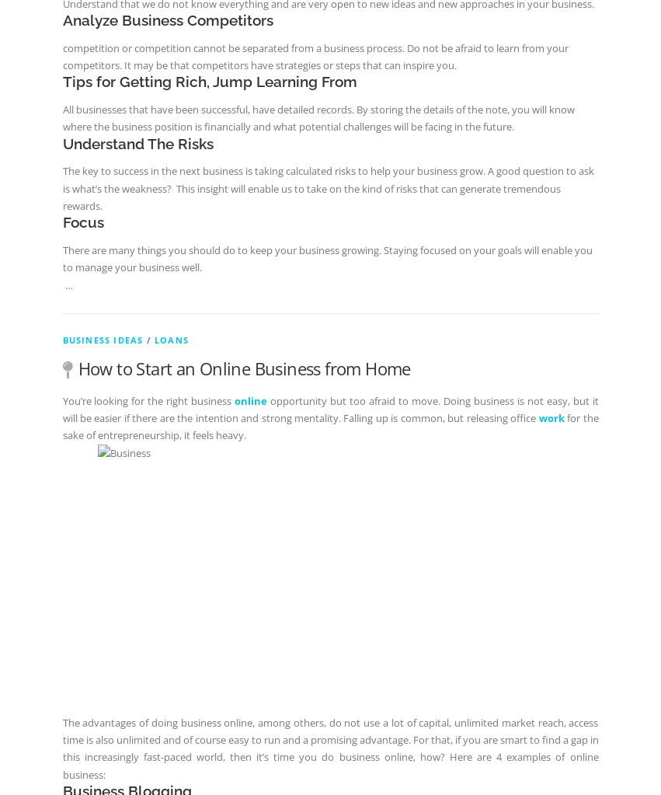 The width and height of the screenshot is (661, 795). What do you see at coordinates (235, 399) in the screenshot?
I see `'online'` at bounding box center [235, 399].